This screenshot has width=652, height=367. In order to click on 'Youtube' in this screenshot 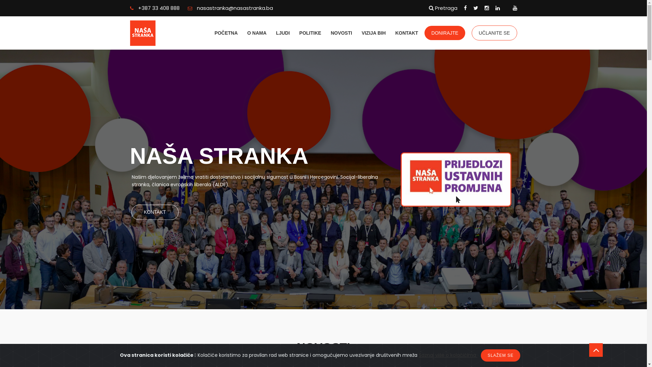, I will do `click(515, 8)`.